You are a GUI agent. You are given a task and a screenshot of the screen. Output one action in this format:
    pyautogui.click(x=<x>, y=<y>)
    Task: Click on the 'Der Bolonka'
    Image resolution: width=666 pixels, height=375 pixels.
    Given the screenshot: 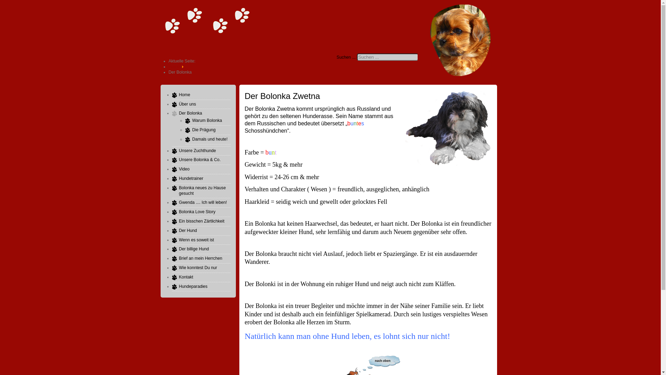 What is the action you would take?
    pyautogui.click(x=190, y=113)
    